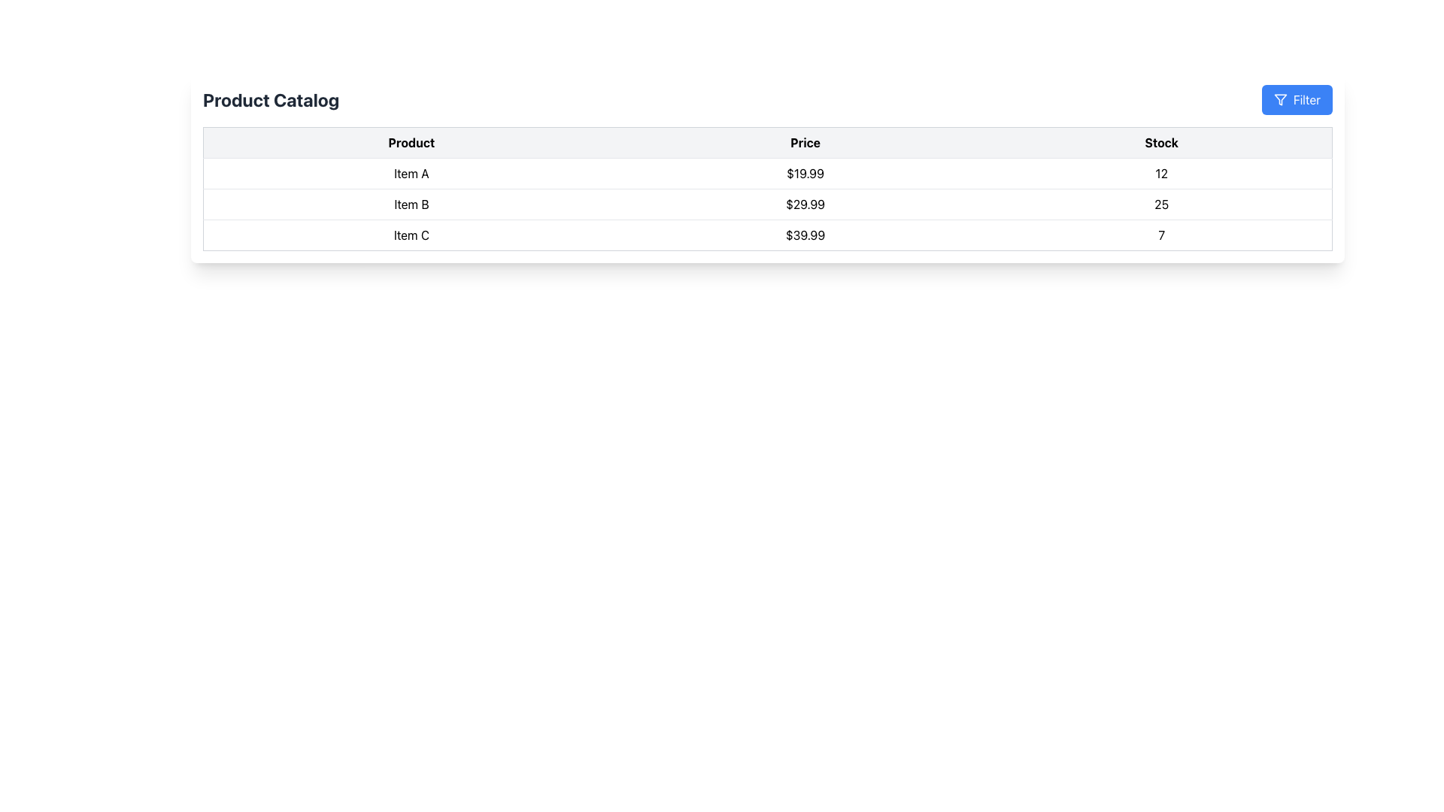 Image resolution: width=1444 pixels, height=812 pixels. What do you see at coordinates (768, 173) in the screenshot?
I see `the first row of the table displaying 'Item A' with price '$19.99' and stock '12'` at bounding box center [768, 173].